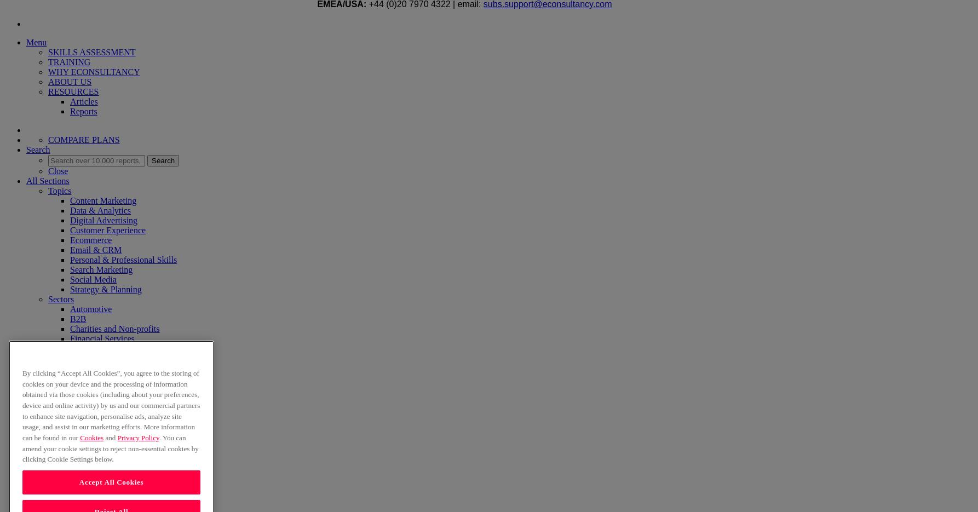  Describe the element at coordinates (93, 279) in the screenshot. I see `'Social Media'` at that location.